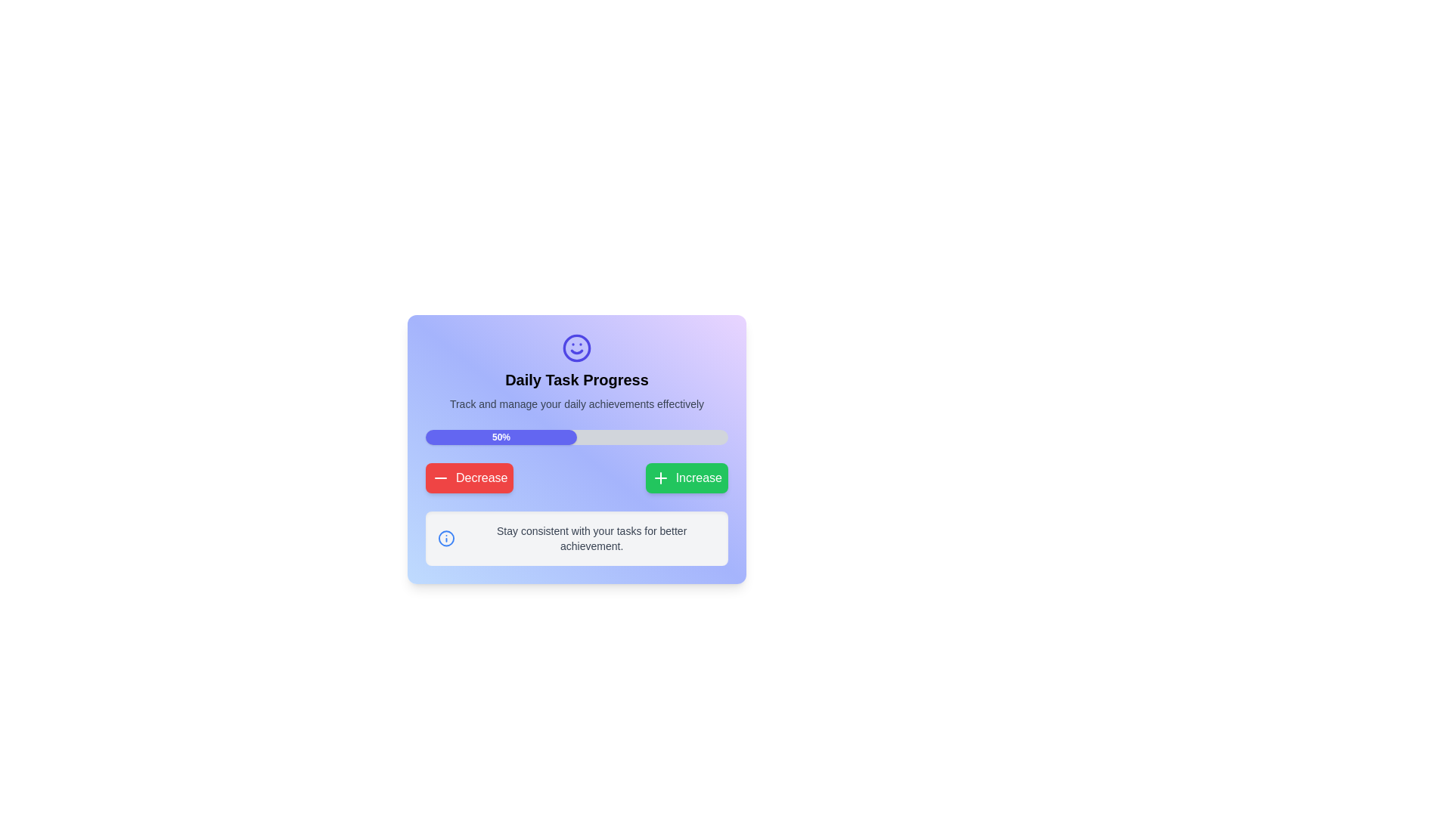 This screenshot has height=816, width=1452. Describe the element at coordinates (439, 478) in the screenshot. I see `the icon within the red 'Decrease' button` at that location.